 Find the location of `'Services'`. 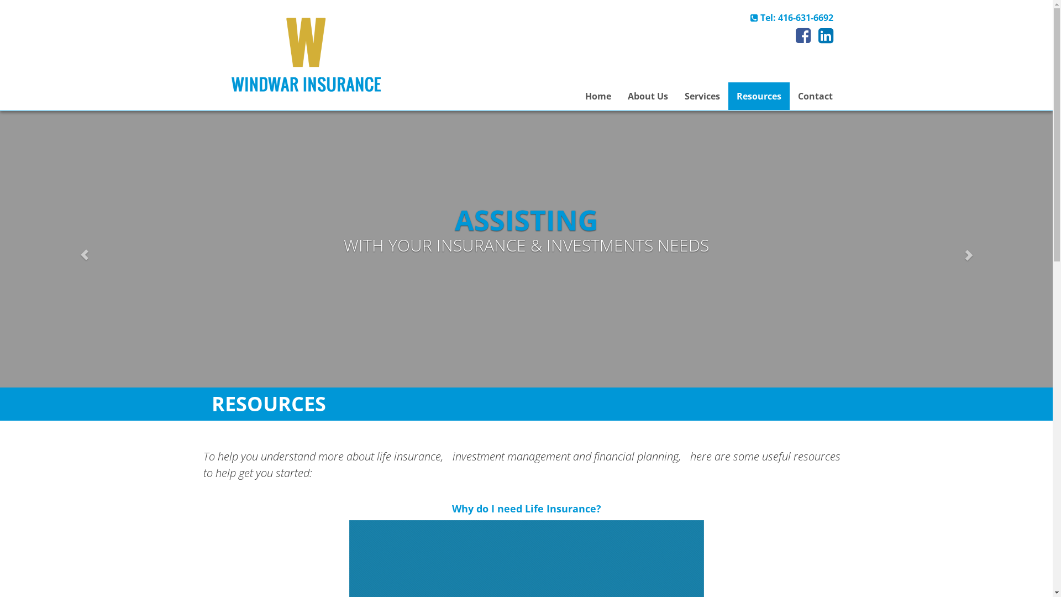

'Services' is located at coordinates (701, 95).